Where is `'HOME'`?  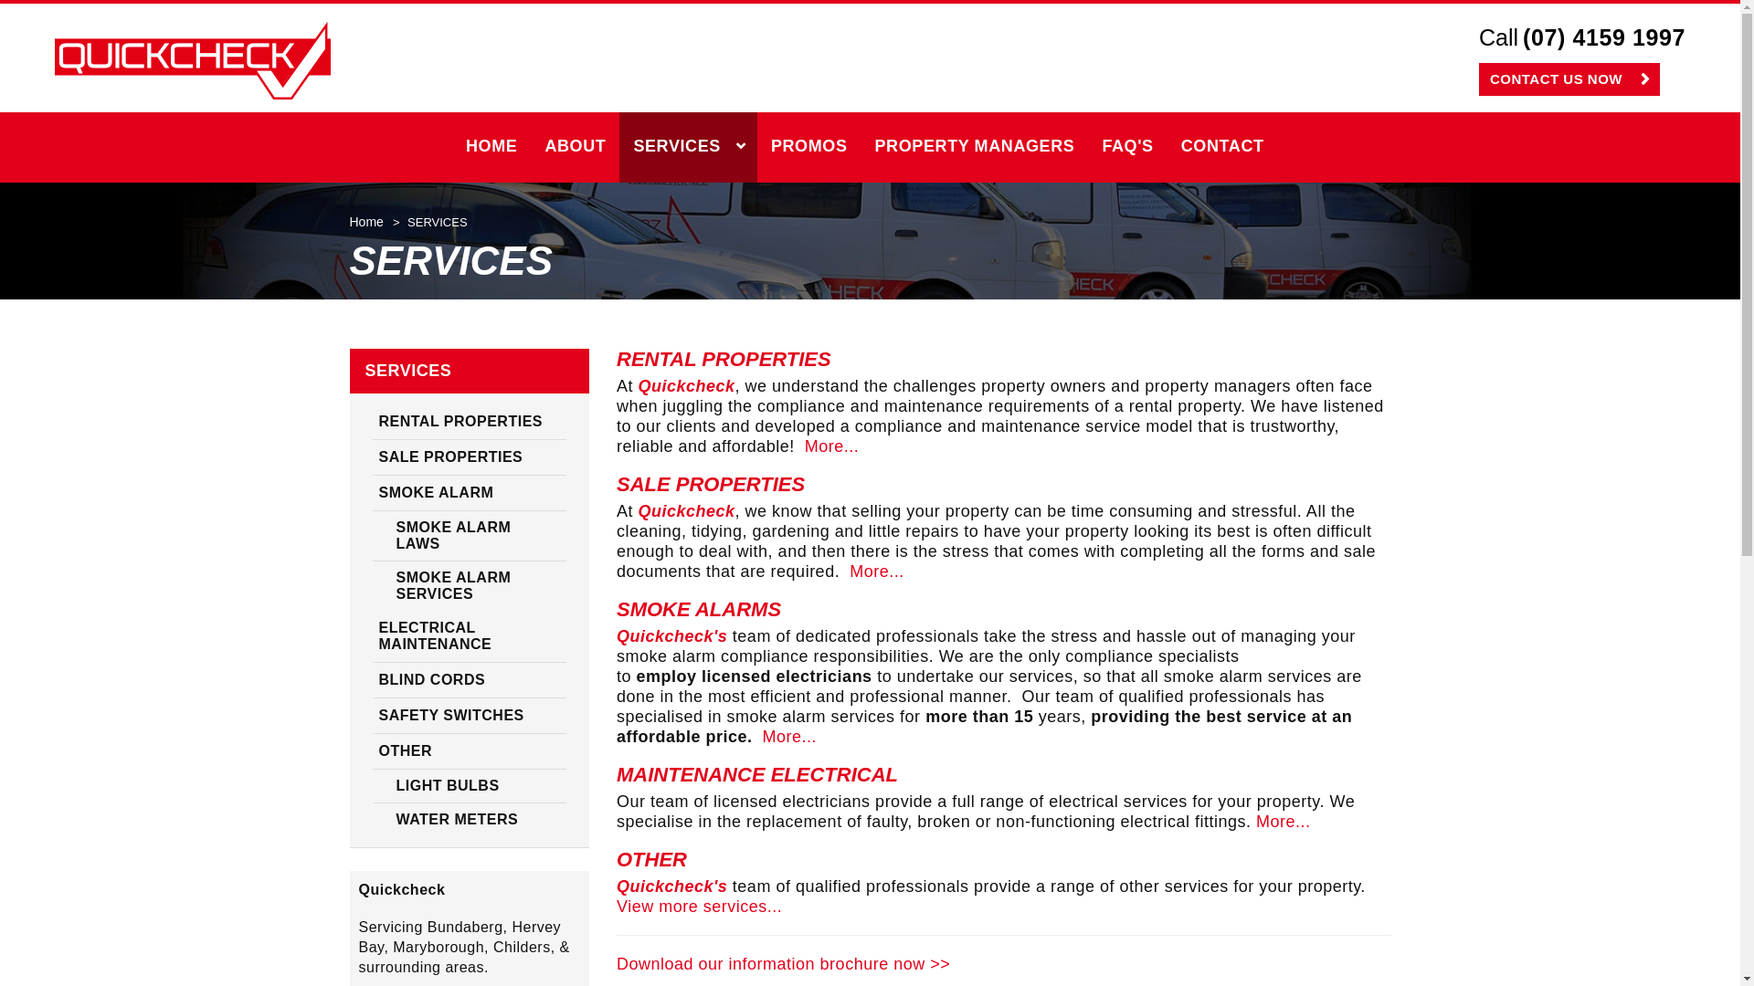
'HOME' is located at coordinates (491, 146).